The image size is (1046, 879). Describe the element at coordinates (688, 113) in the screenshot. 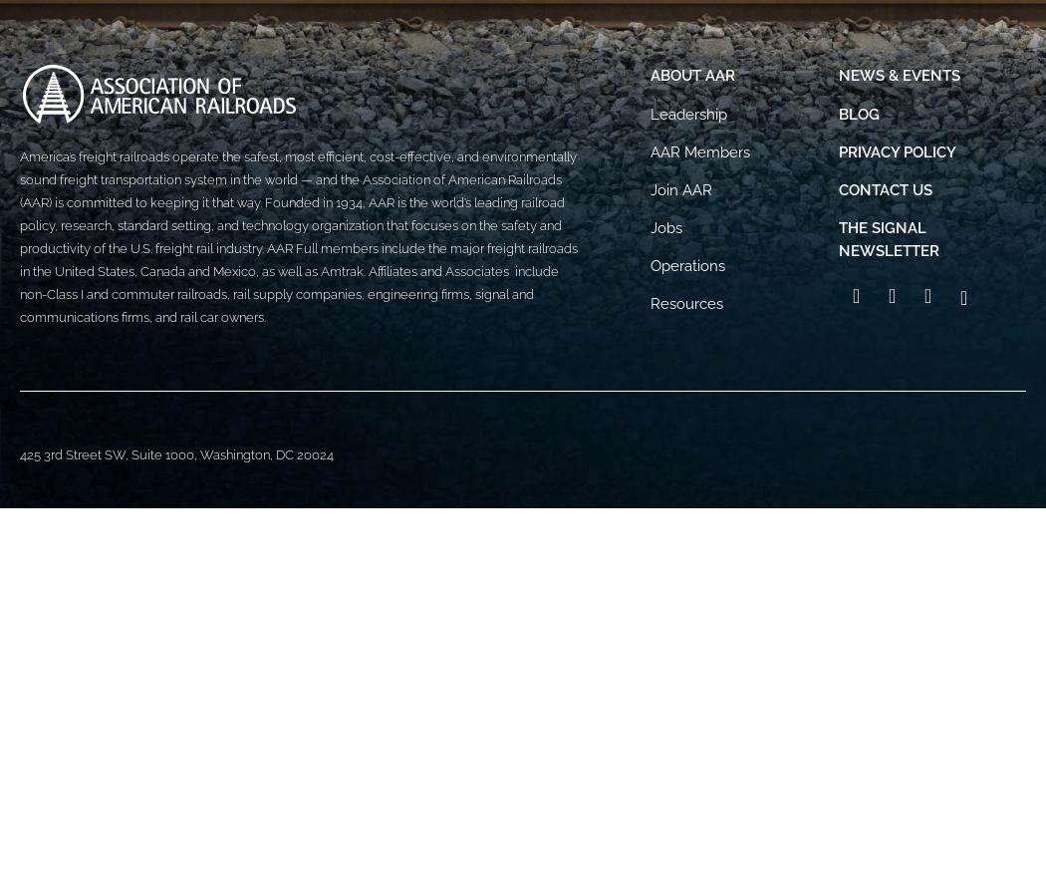

I see `'Leadership'` at that location.